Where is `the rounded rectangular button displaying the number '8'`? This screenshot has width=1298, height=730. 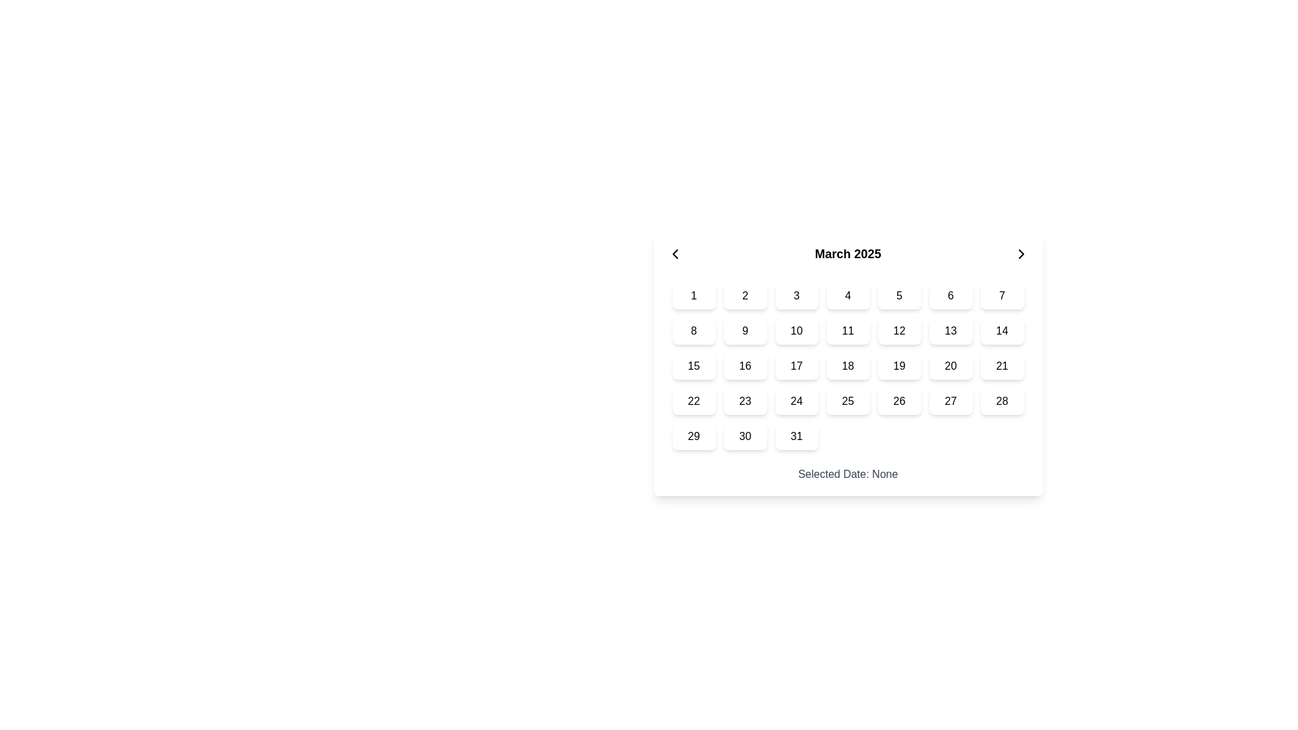
the rounded rectangular button displaying the number '8' is located at coordinates (694, 331).